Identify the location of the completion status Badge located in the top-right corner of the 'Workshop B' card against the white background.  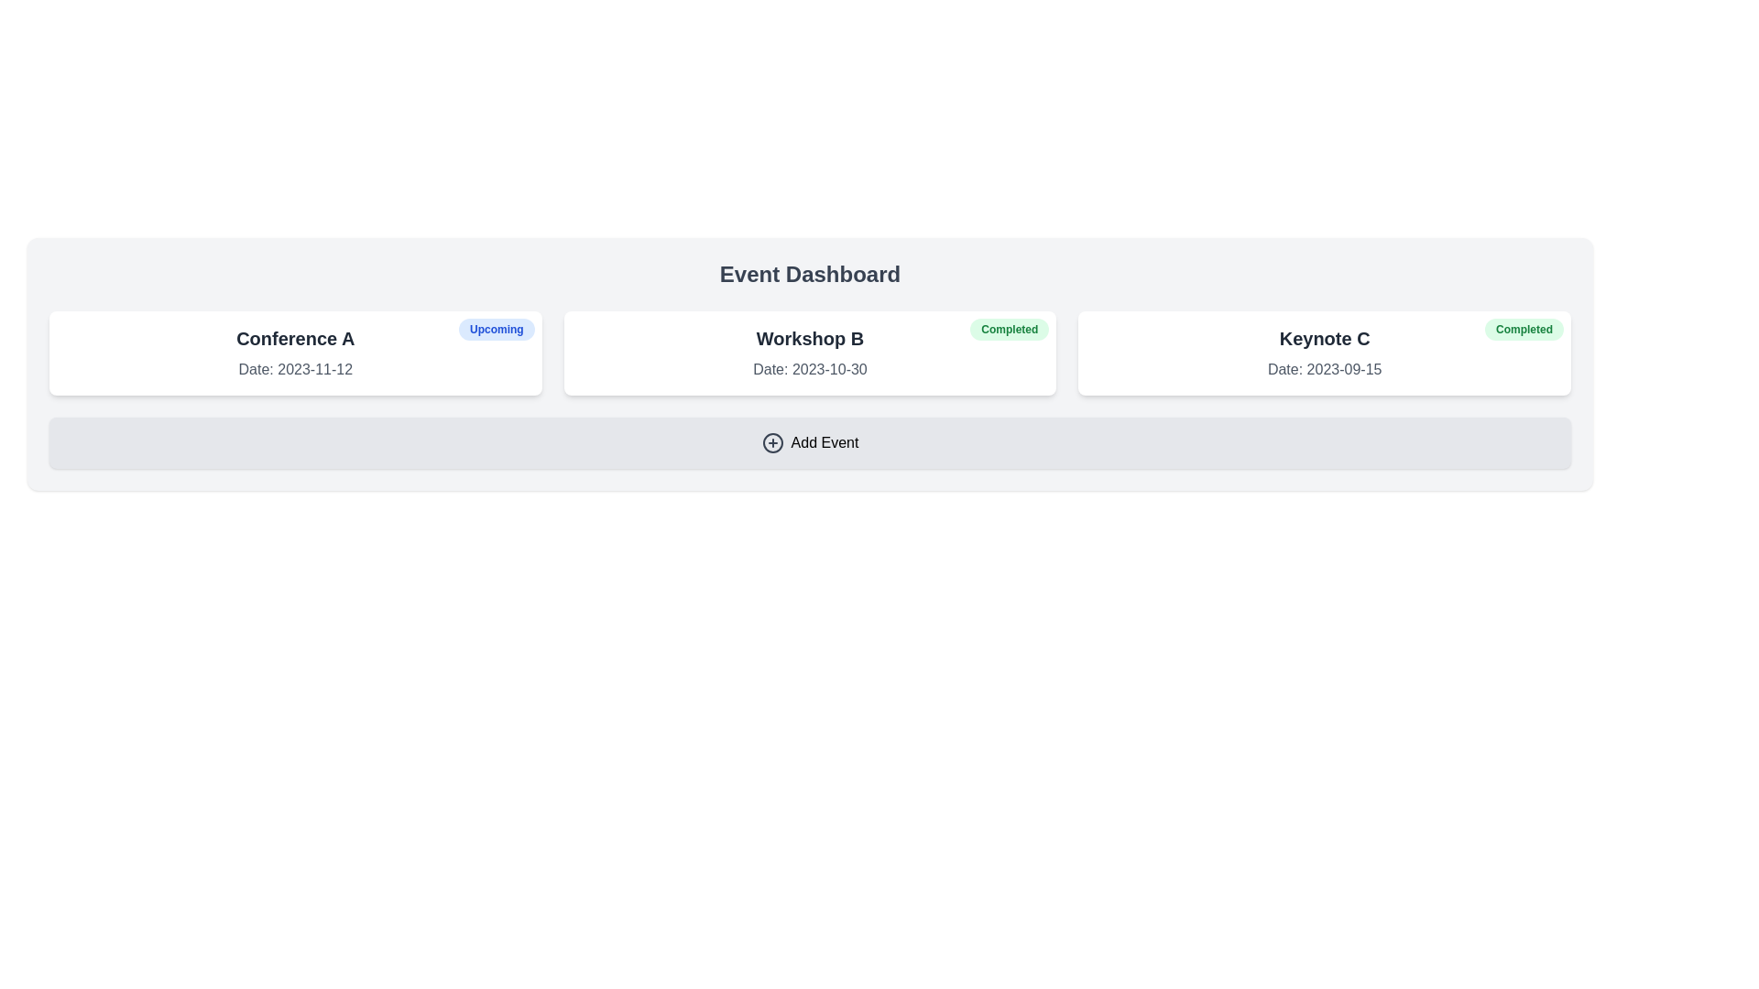
(1009, 328).